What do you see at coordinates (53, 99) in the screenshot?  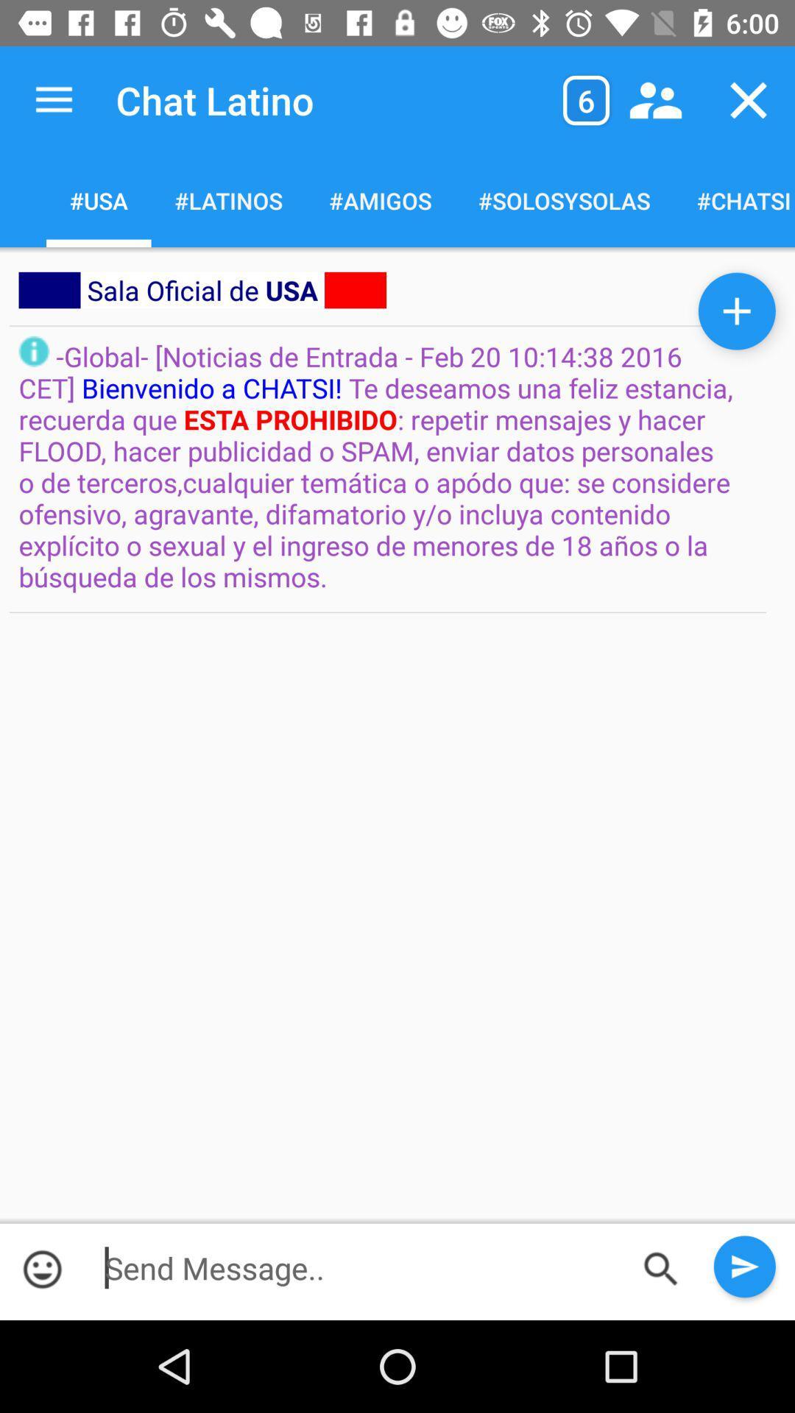 I see `app next to chat latino app` at bounding box center [53, 99].